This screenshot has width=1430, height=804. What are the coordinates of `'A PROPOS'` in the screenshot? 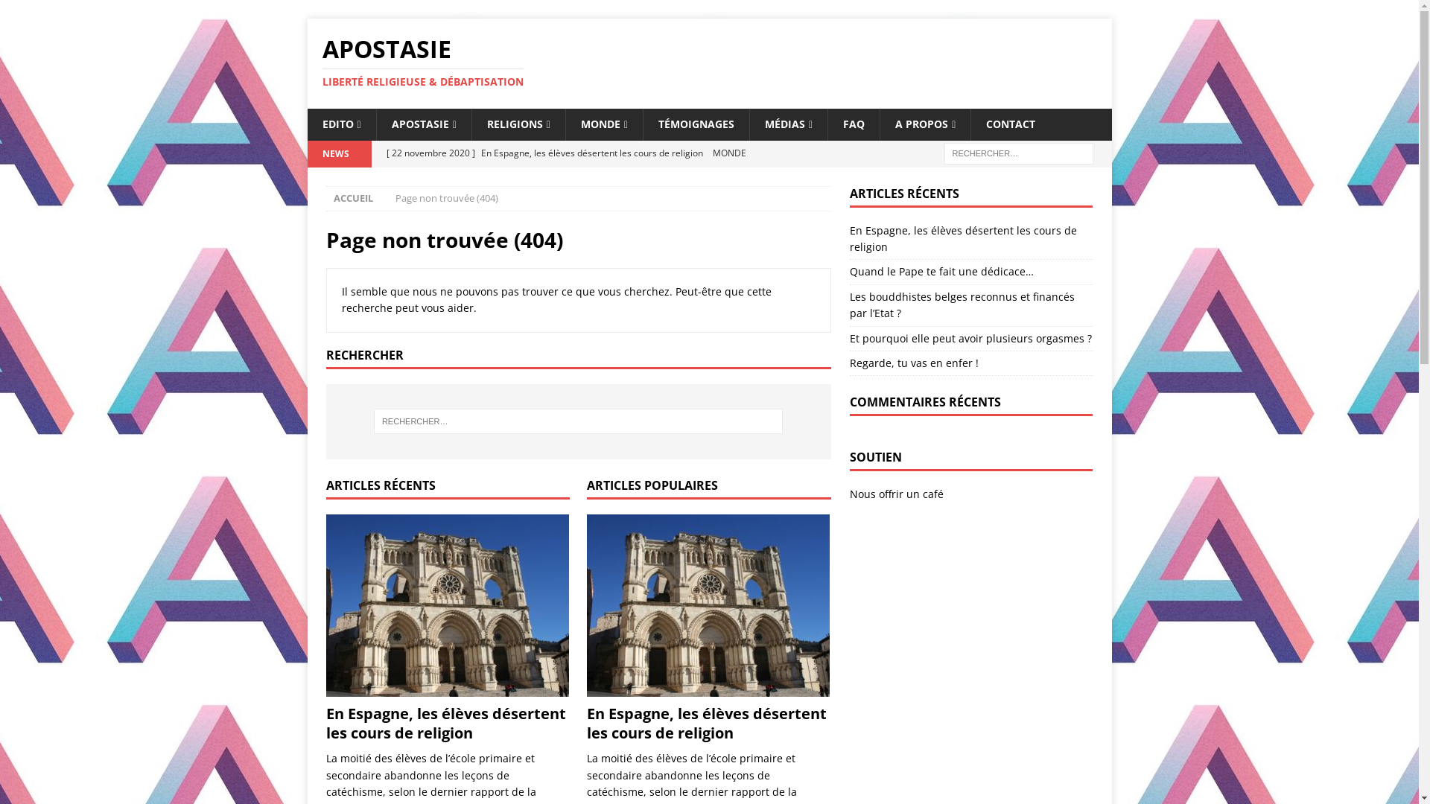 It's located at (924, 123).